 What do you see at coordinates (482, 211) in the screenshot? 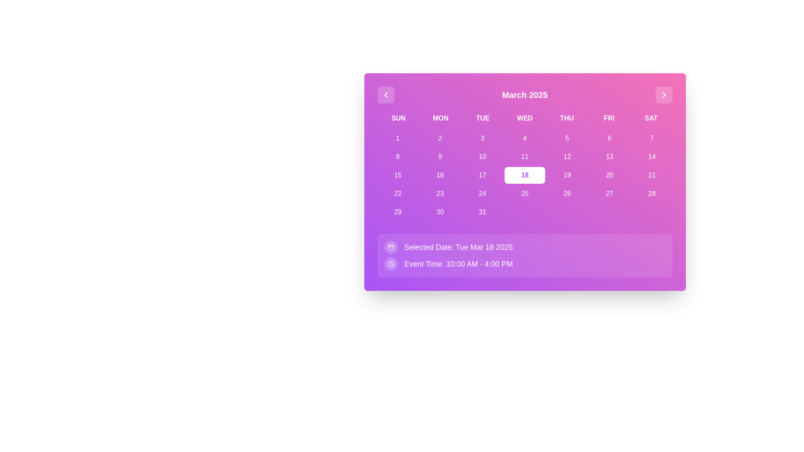
I see `the interactive calendar date cell displaying '31' in white text on a purple background` at bounding box center [482, 211].